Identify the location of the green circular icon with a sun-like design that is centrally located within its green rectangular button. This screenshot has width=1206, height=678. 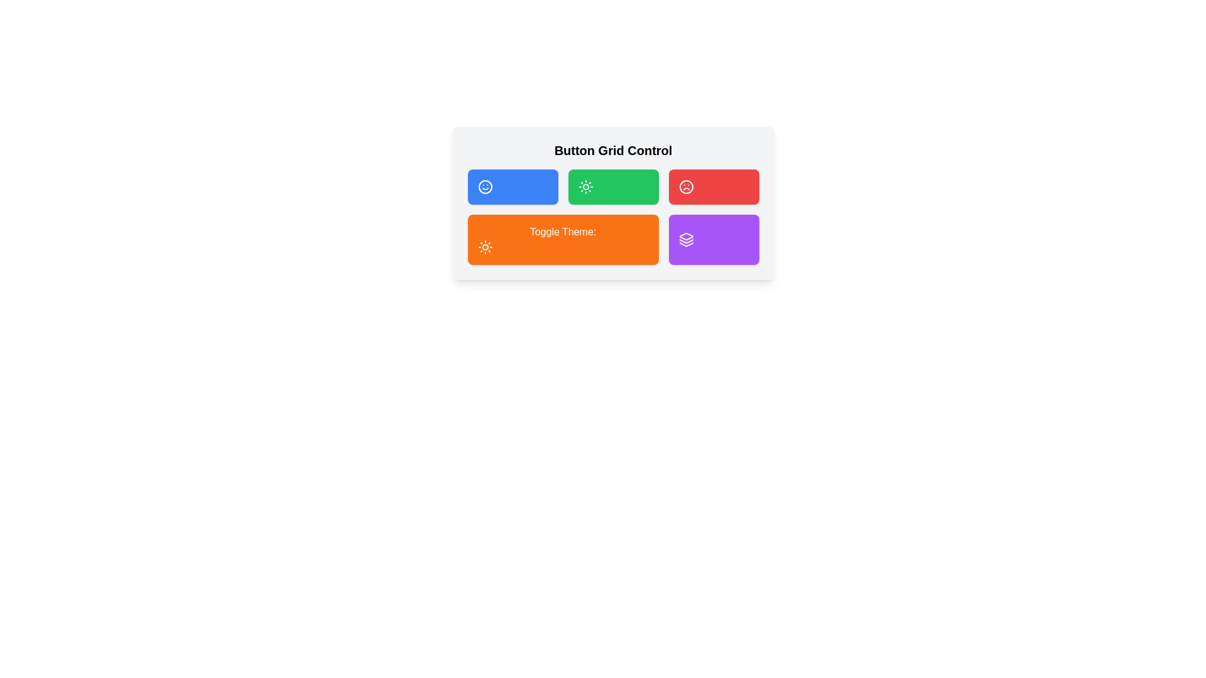
(585, 186).